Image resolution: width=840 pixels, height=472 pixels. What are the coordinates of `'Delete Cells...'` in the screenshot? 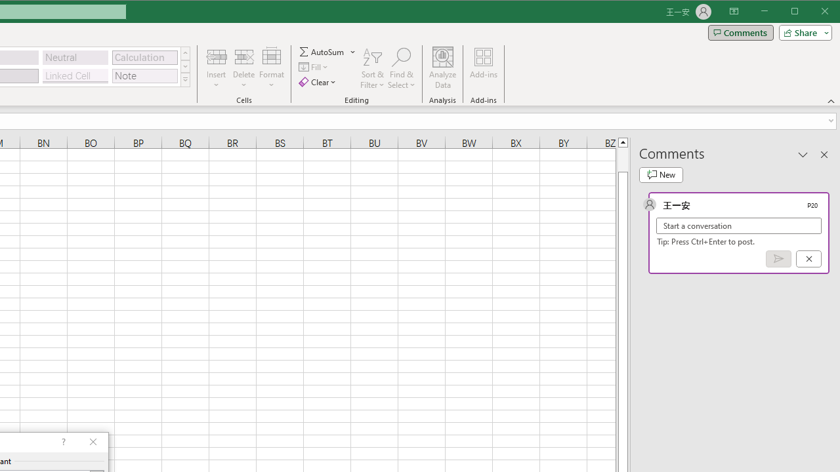 It's located at (243, 56).